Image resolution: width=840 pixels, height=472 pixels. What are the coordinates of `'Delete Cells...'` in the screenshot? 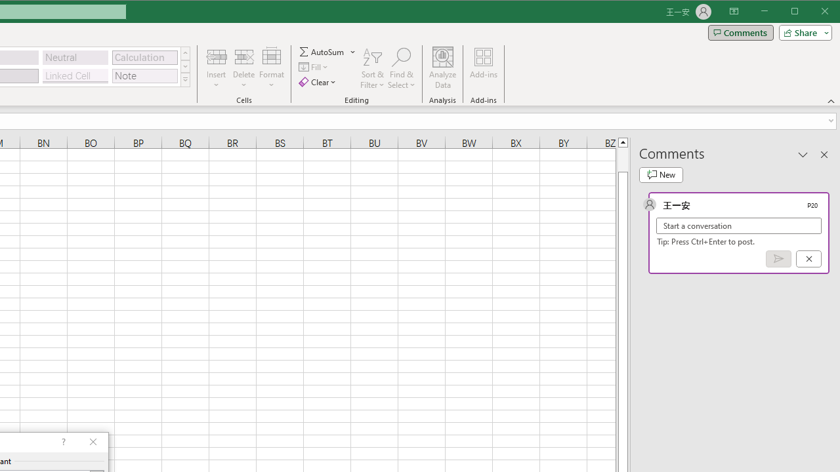 It's located at (243, 56).